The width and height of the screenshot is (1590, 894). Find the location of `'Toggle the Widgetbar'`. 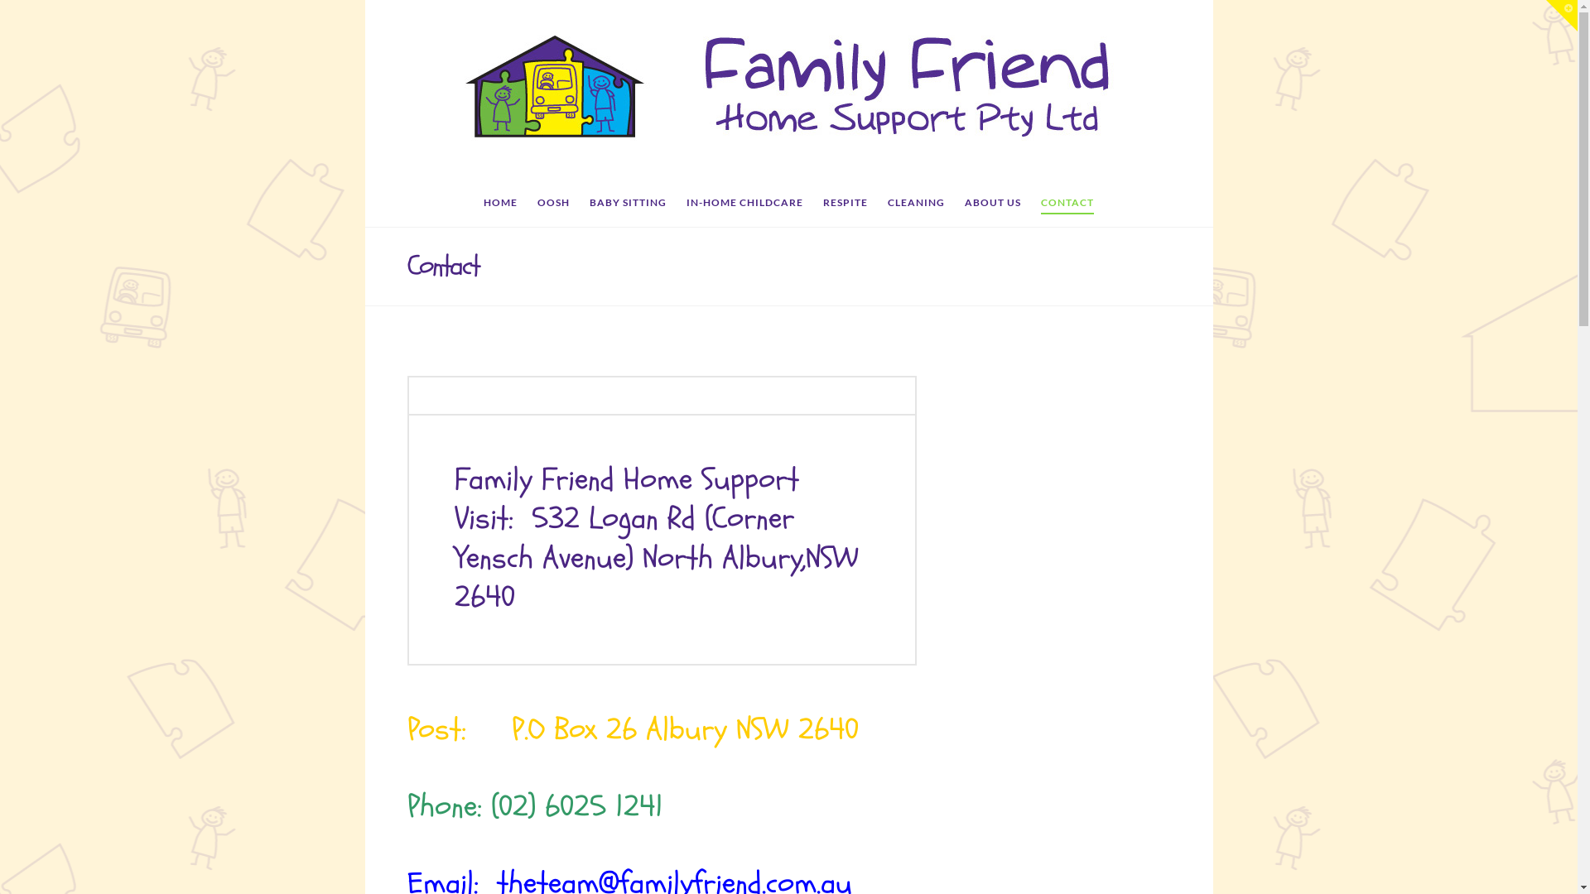

'Toggle the Widgetbar' is located at coordinates (1545, 16).